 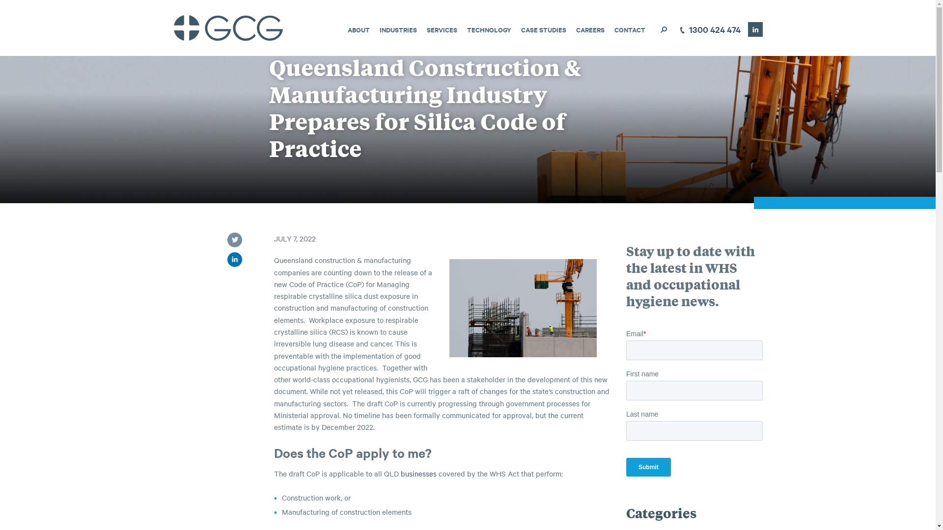 I want to click on 'businesses', so click(x=418, y=473).